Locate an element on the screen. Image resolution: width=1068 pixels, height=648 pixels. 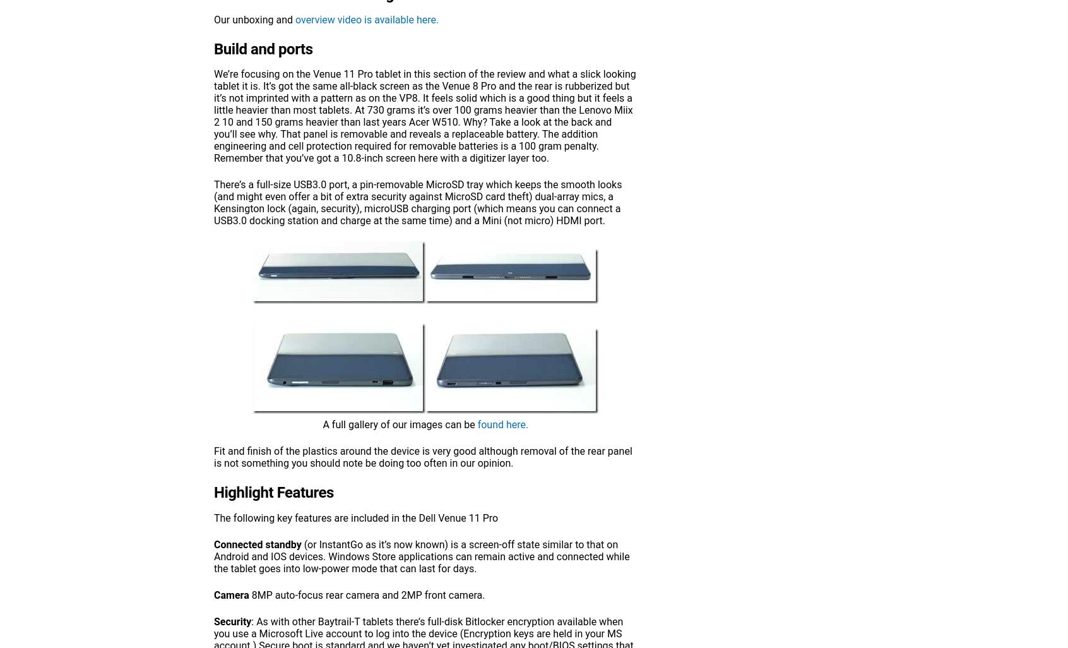
'overview video is available here.' is located at coordinates (366, 19).